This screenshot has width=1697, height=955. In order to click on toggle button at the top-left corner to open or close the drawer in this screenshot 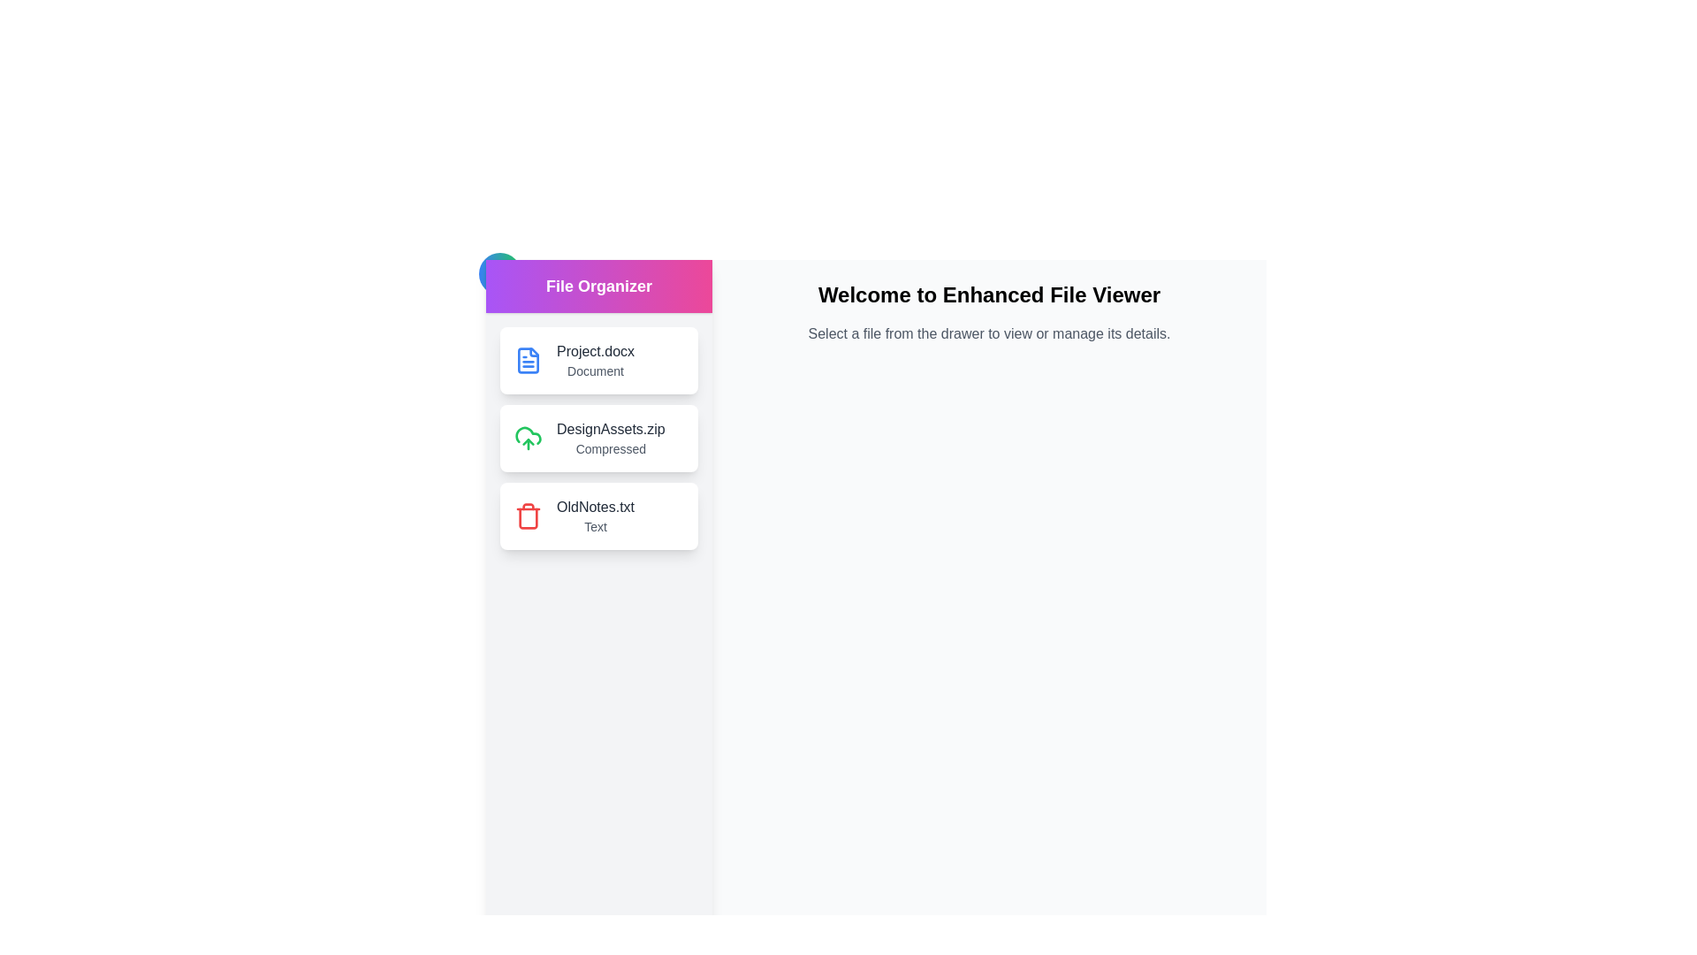, I will do `click(499, 273)`.